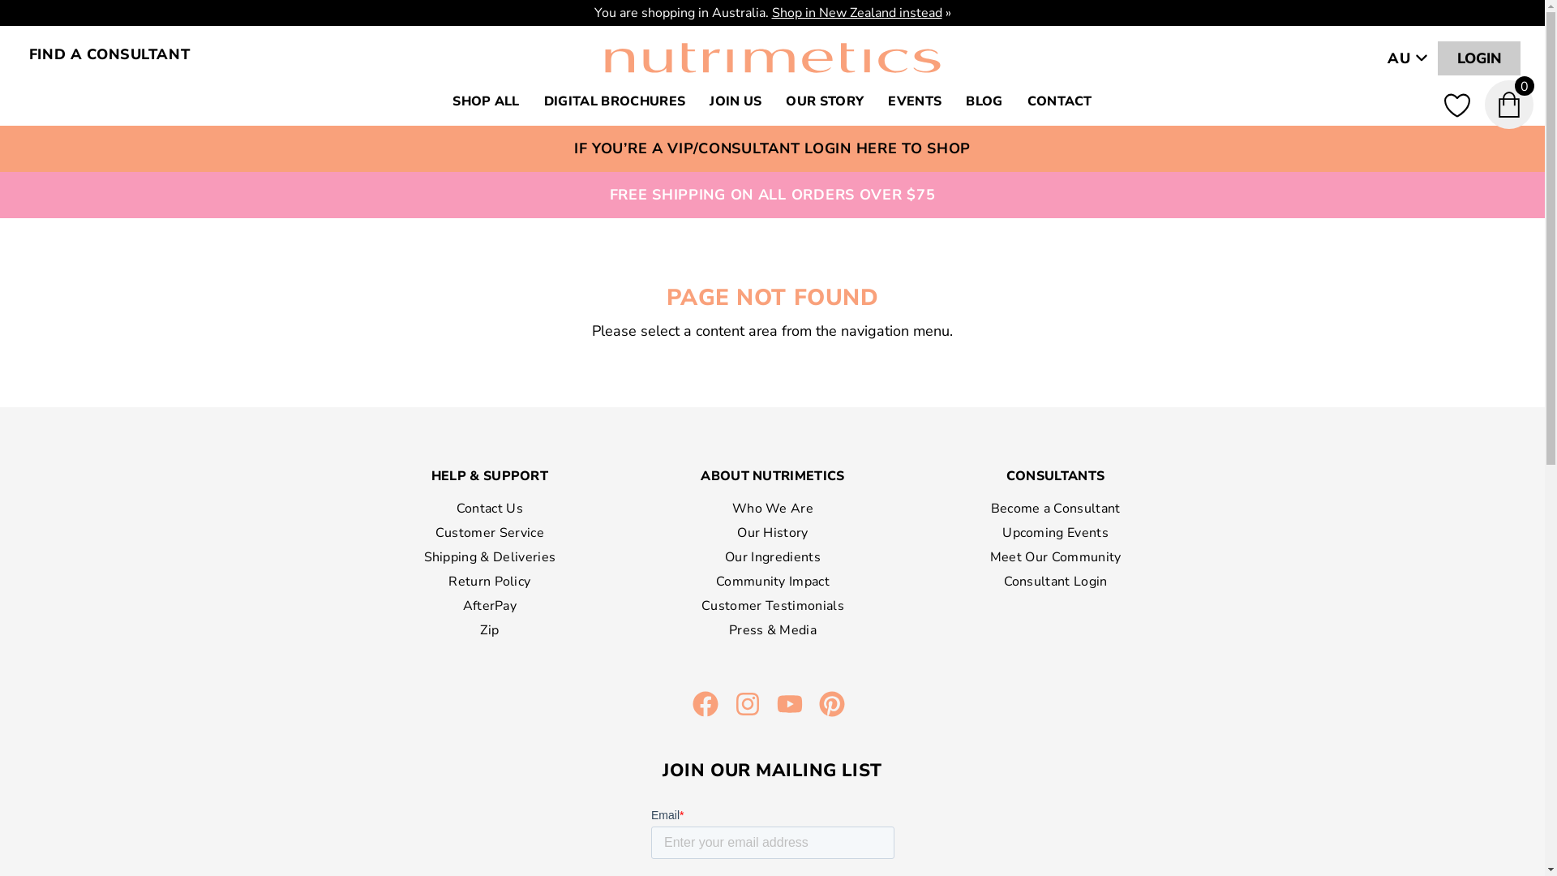  Describe the element at coordinates (488, 581) in the screenshot. I see `'Return Policy'` at that location.